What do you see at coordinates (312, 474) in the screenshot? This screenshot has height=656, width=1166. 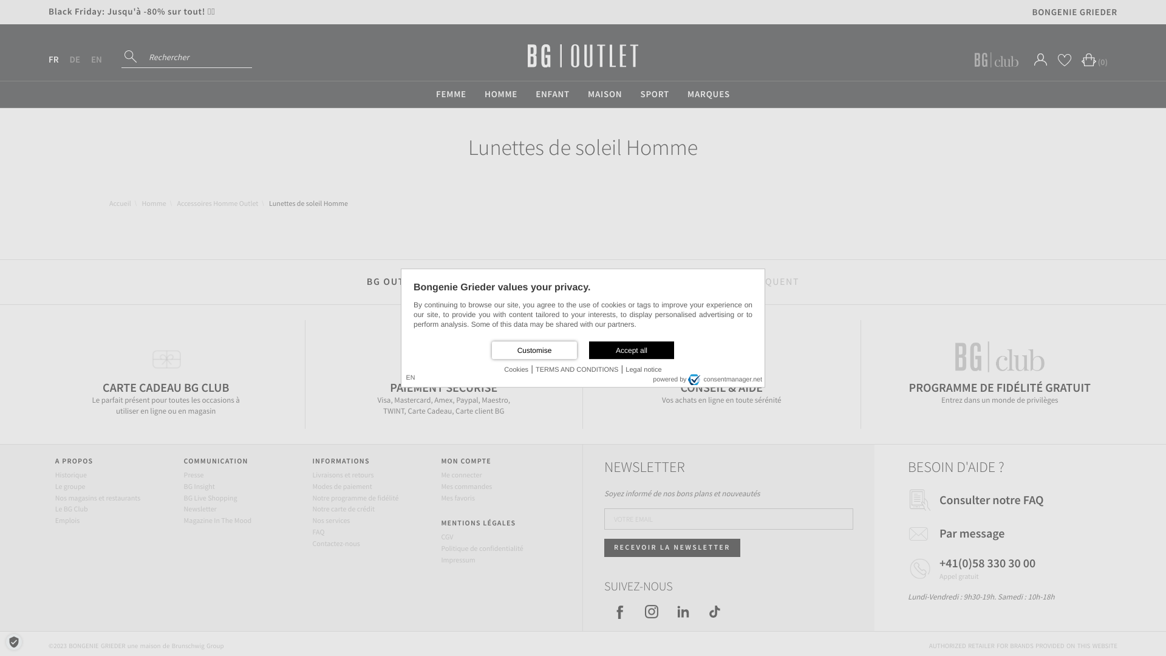 I see `'Livraisons et retours'` at bounding box center [312, 474].